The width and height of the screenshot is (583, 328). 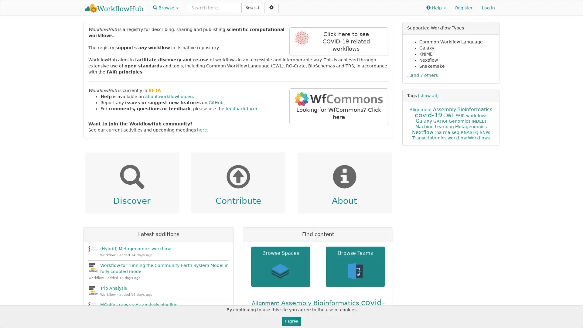 What do you see at coordinates (166, 8) in the screenshot?
I see `Browse` at bounding box center [166, 8].